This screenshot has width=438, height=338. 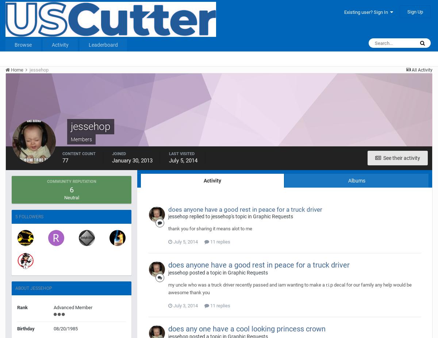 What do you see at coordinates (17, 307) in the screenshot?
I see `'Rank'` at bounding box center [17, 307].